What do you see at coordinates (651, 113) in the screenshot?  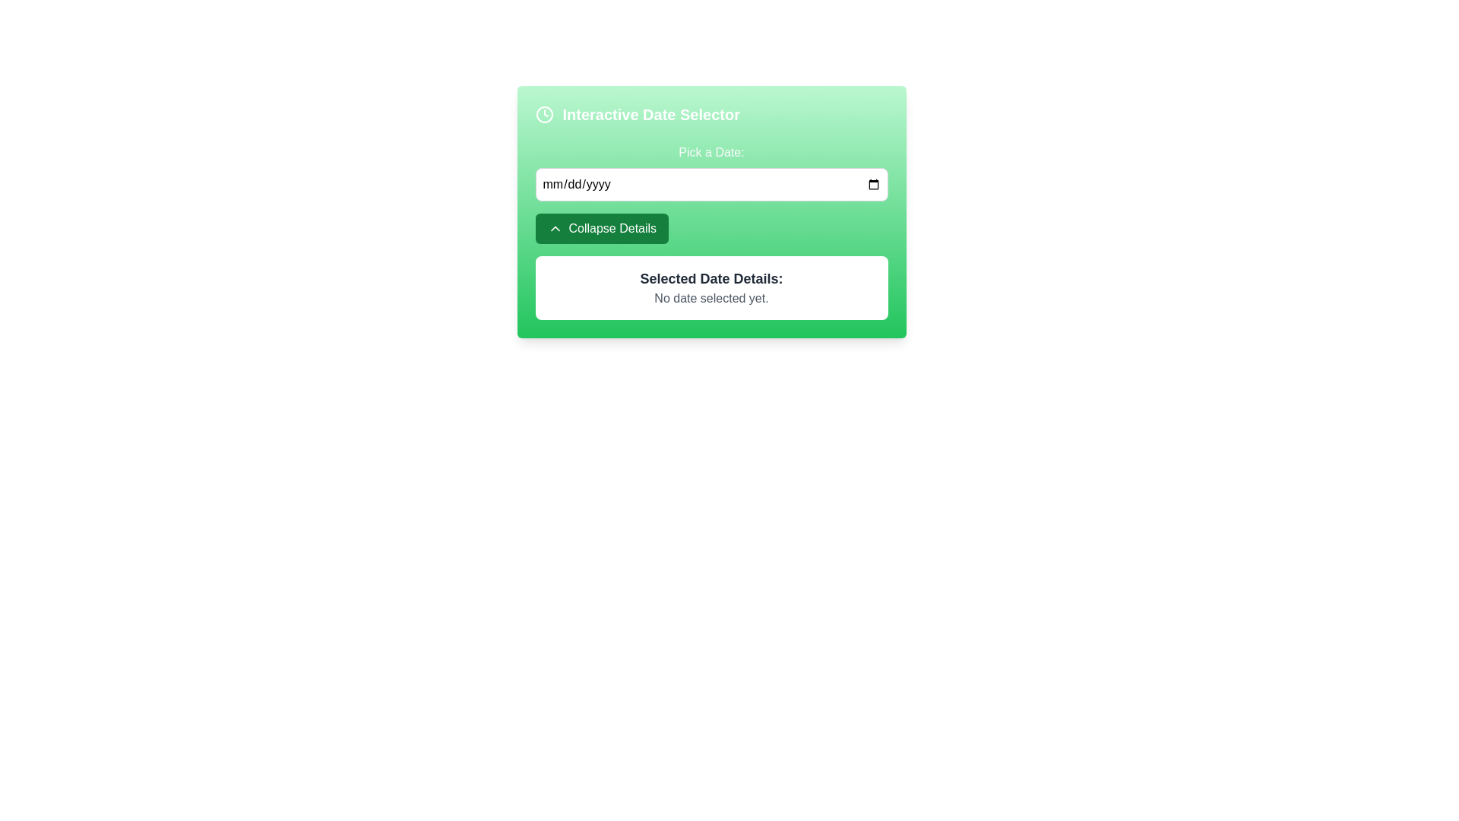 I see `the text label displaying 'Interactive Date Selector', which is styled in a large, bold white font against a green background, located in the top-left part of the widget card` at bounding box center [651, 113].